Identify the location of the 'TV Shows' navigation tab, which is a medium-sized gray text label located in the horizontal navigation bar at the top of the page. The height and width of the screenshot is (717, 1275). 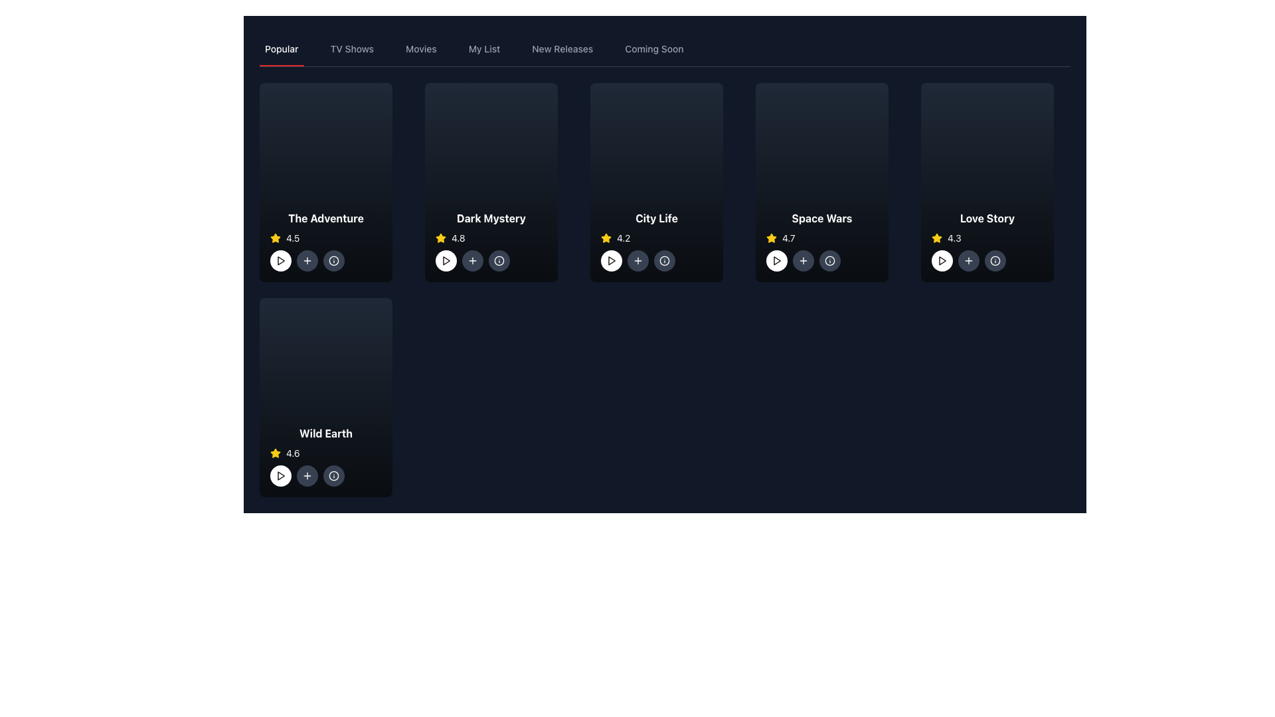
(352, 48).